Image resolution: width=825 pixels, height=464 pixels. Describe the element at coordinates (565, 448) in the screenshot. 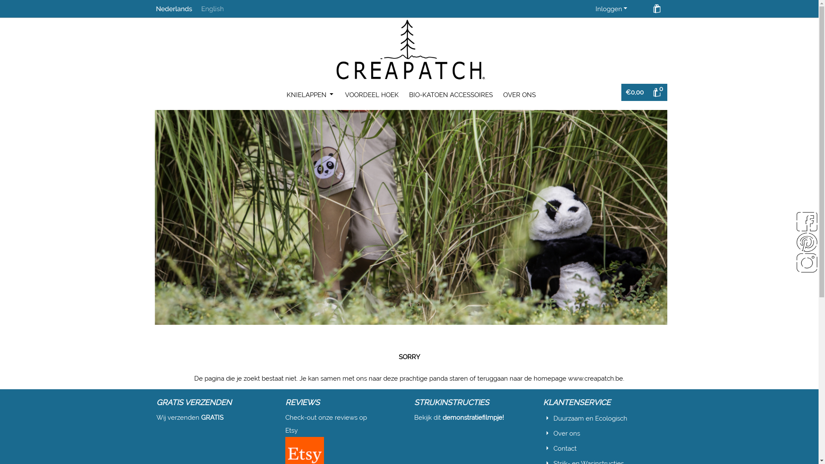

I see `'Contact'` at that location.